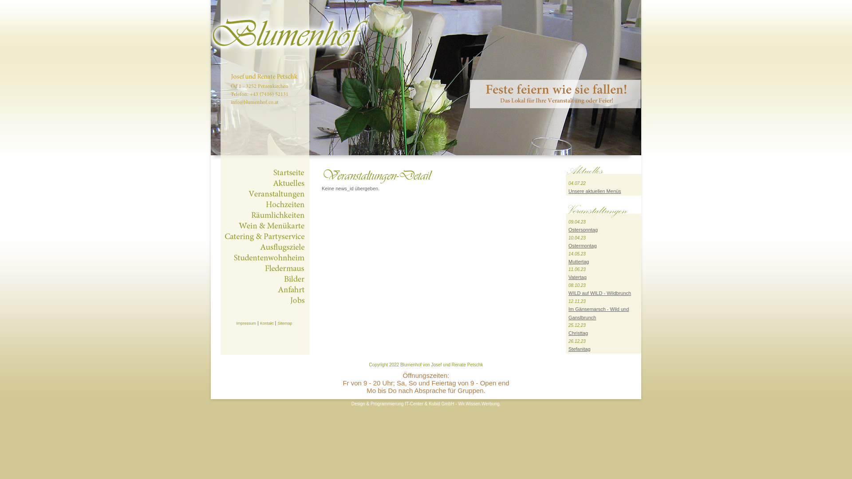 This screenshot has height=479, width=852. I want to click on 'Kontakt', so click(266, 323).